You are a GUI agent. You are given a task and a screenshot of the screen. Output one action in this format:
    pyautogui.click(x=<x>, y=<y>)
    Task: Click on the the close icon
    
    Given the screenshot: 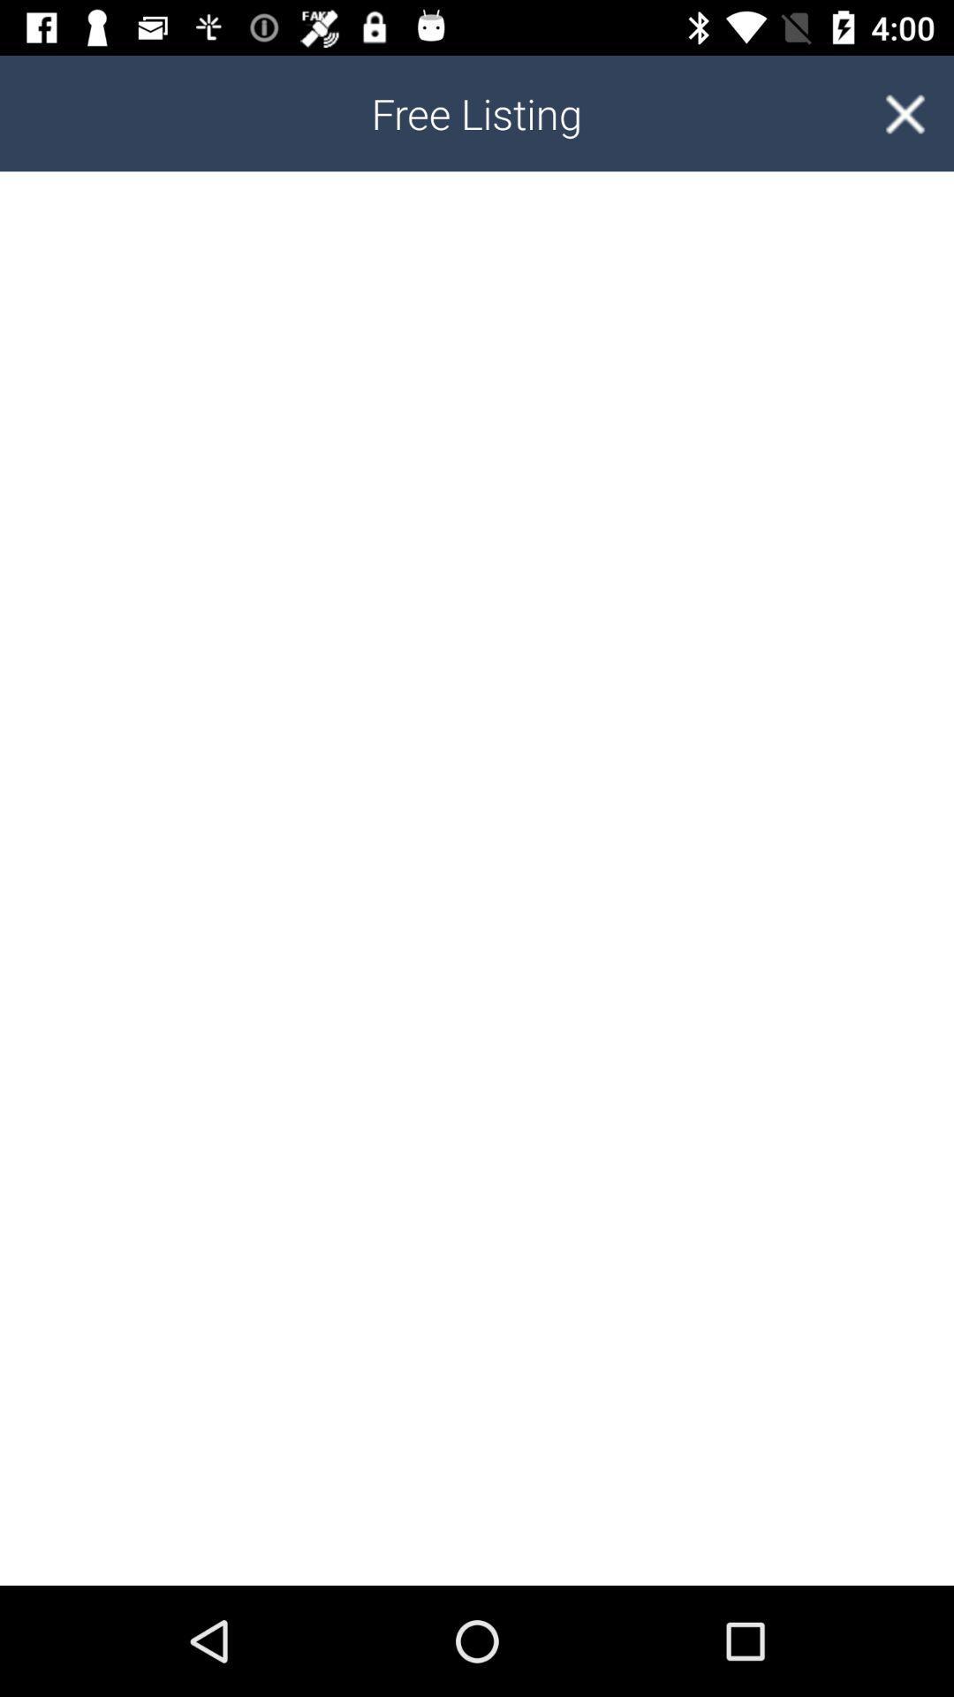 What is the action you would take?
    pyautogui.click(x=905, y=112)
    